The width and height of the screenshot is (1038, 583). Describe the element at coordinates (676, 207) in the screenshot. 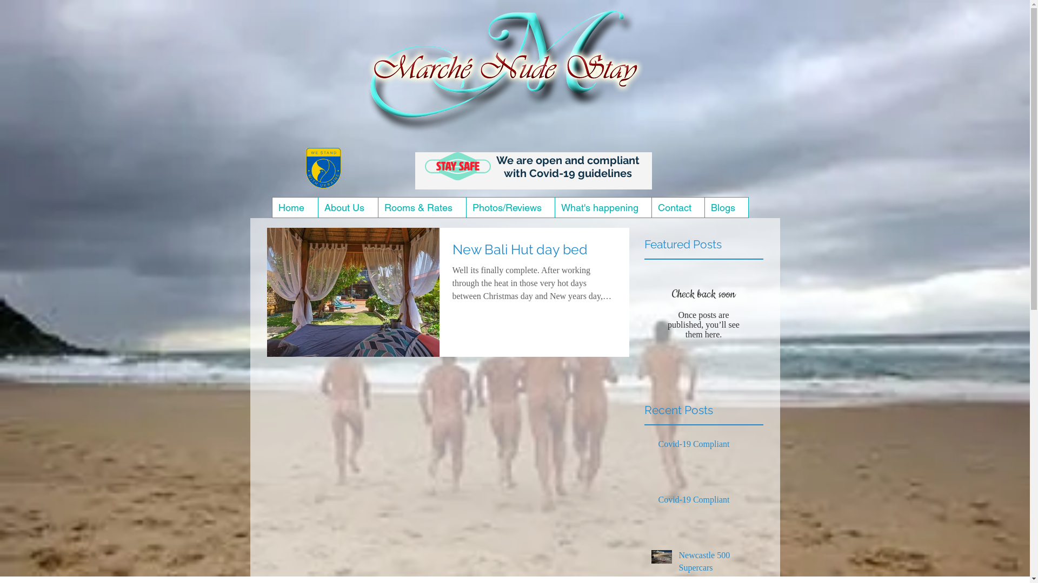

I see `'Contact'` at that location.